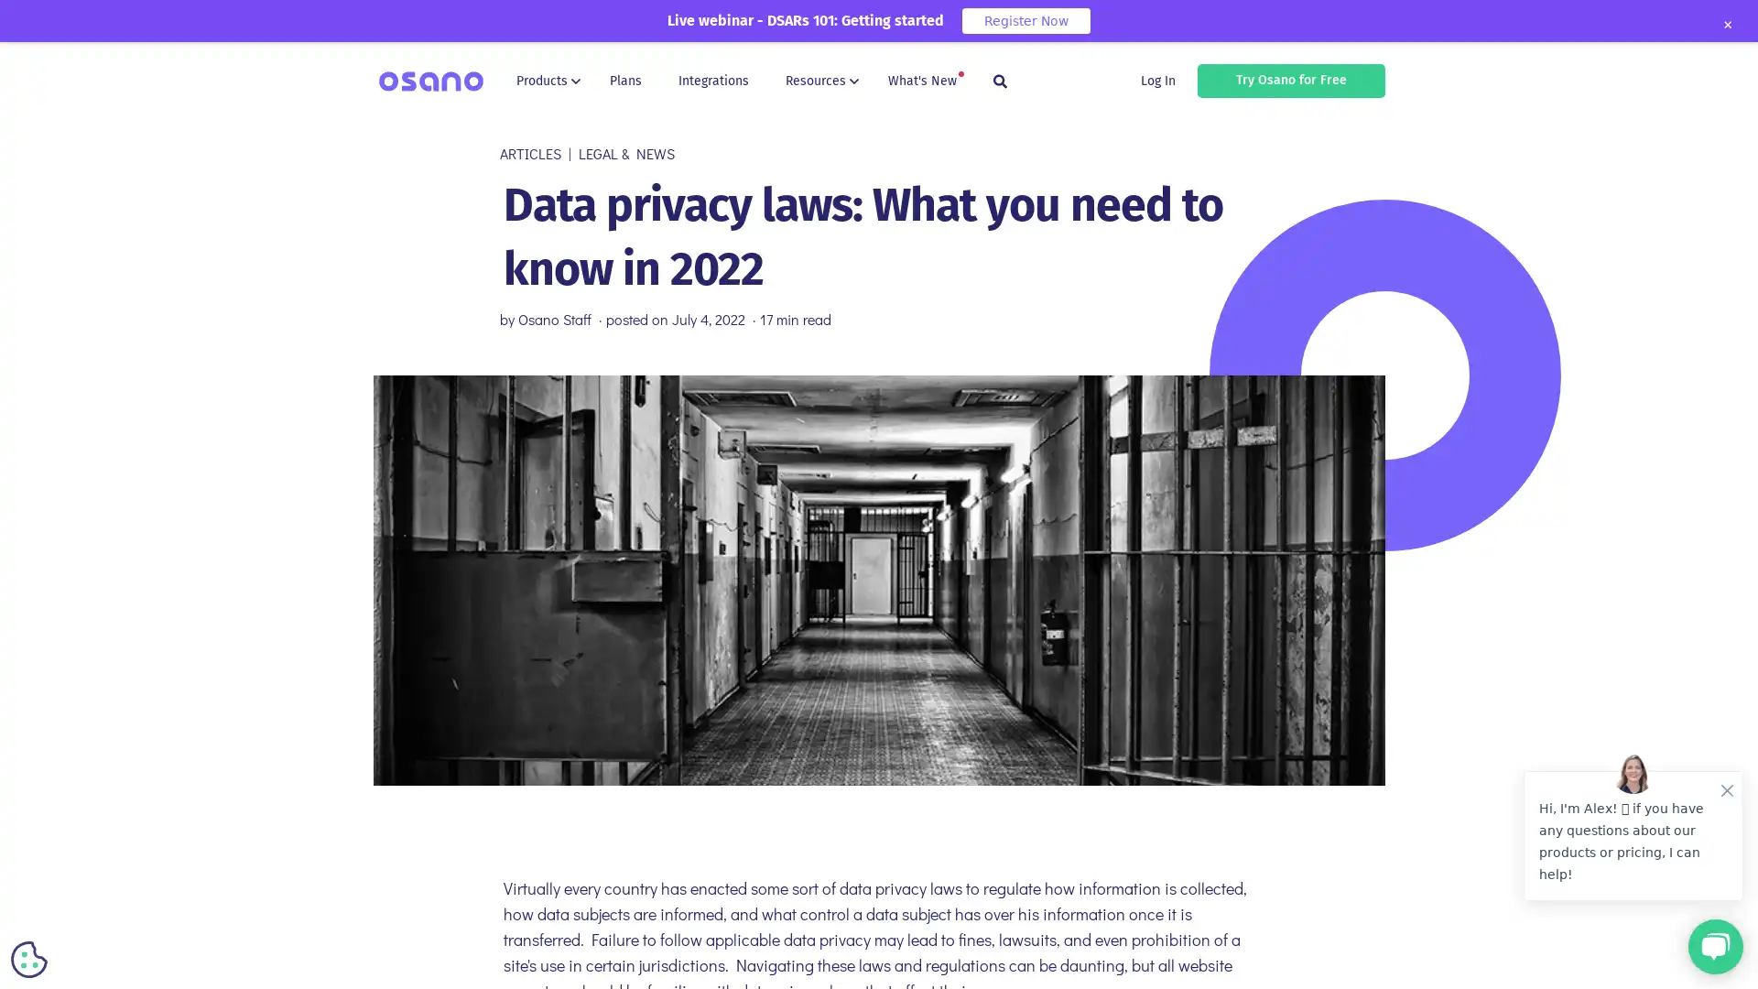 This screenshot has height=989, width=1758. What do you see at coordinates (29, 959) in the screenshot?
I see `Cookie Preferences` at bounding box center [29, 959].